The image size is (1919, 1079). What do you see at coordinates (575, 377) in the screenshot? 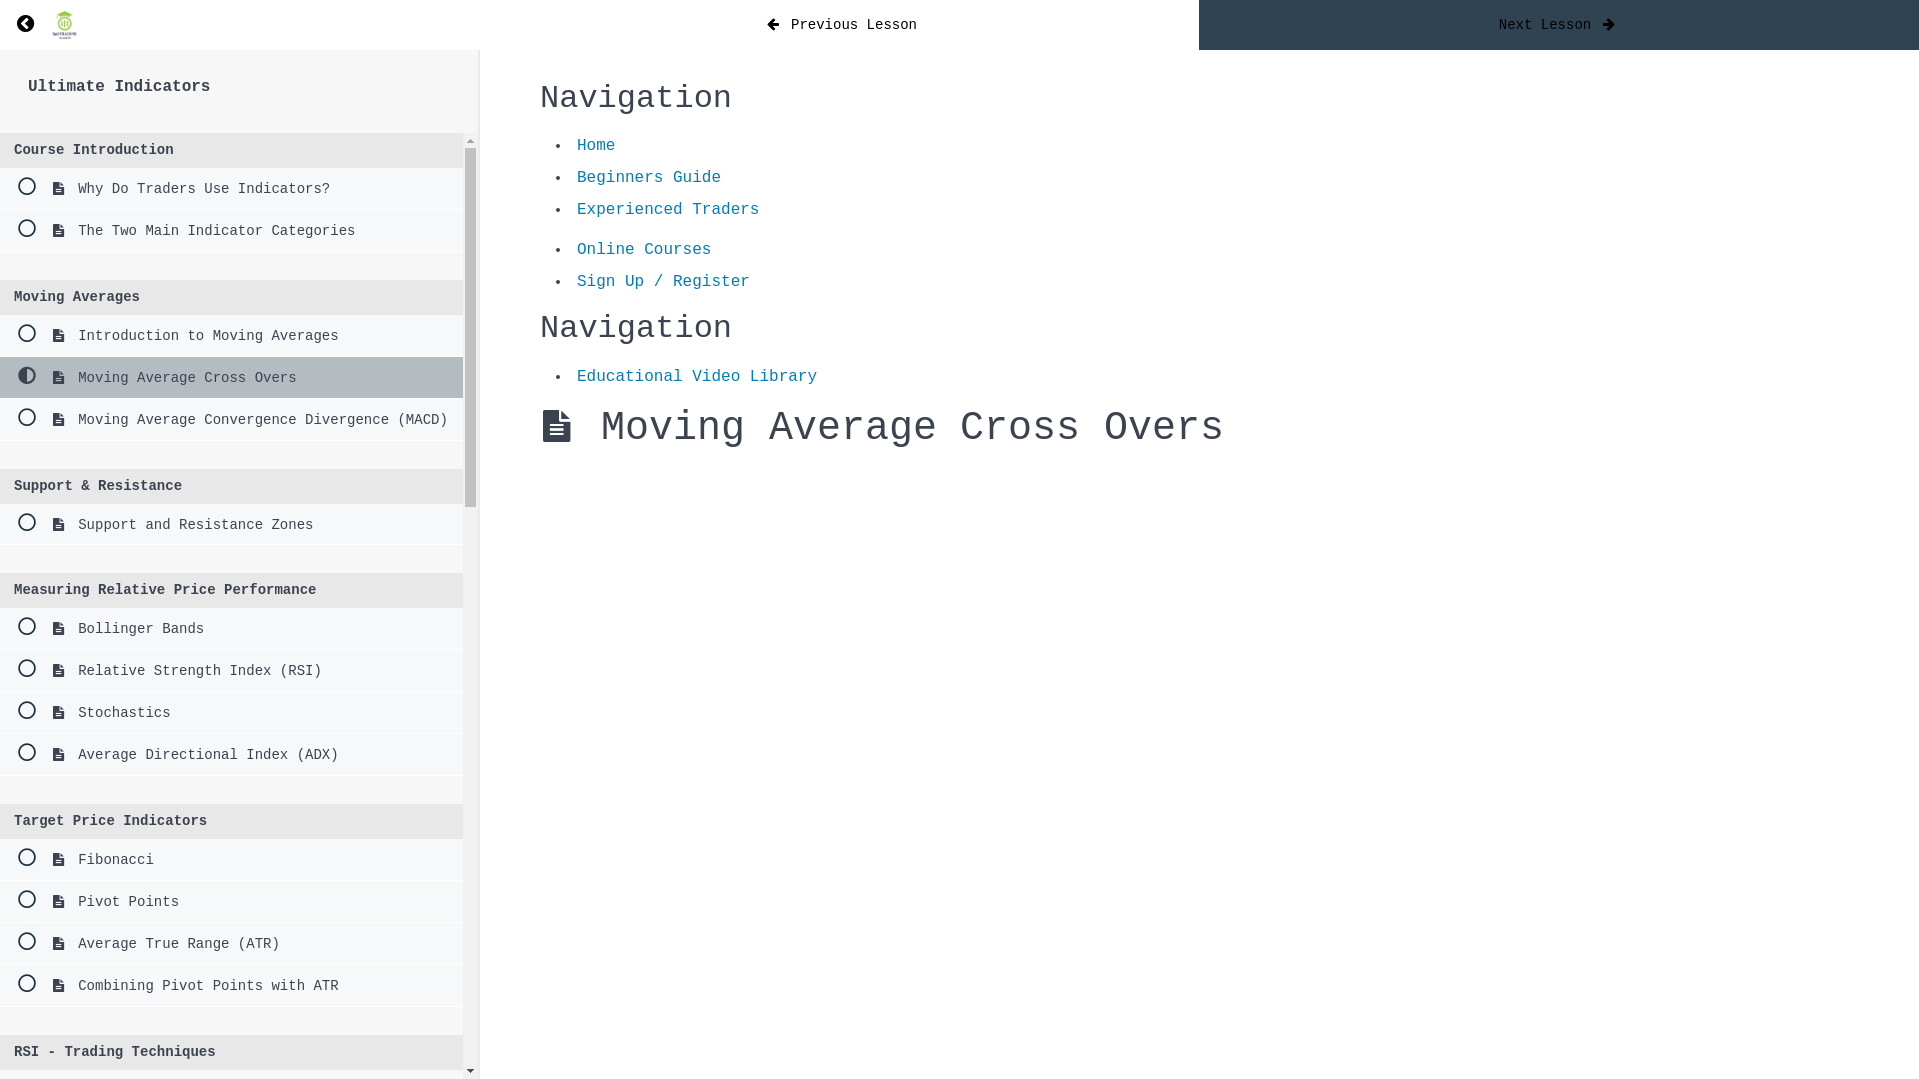
I see `'Educational Video Library'` at bounding box center [575, 377].